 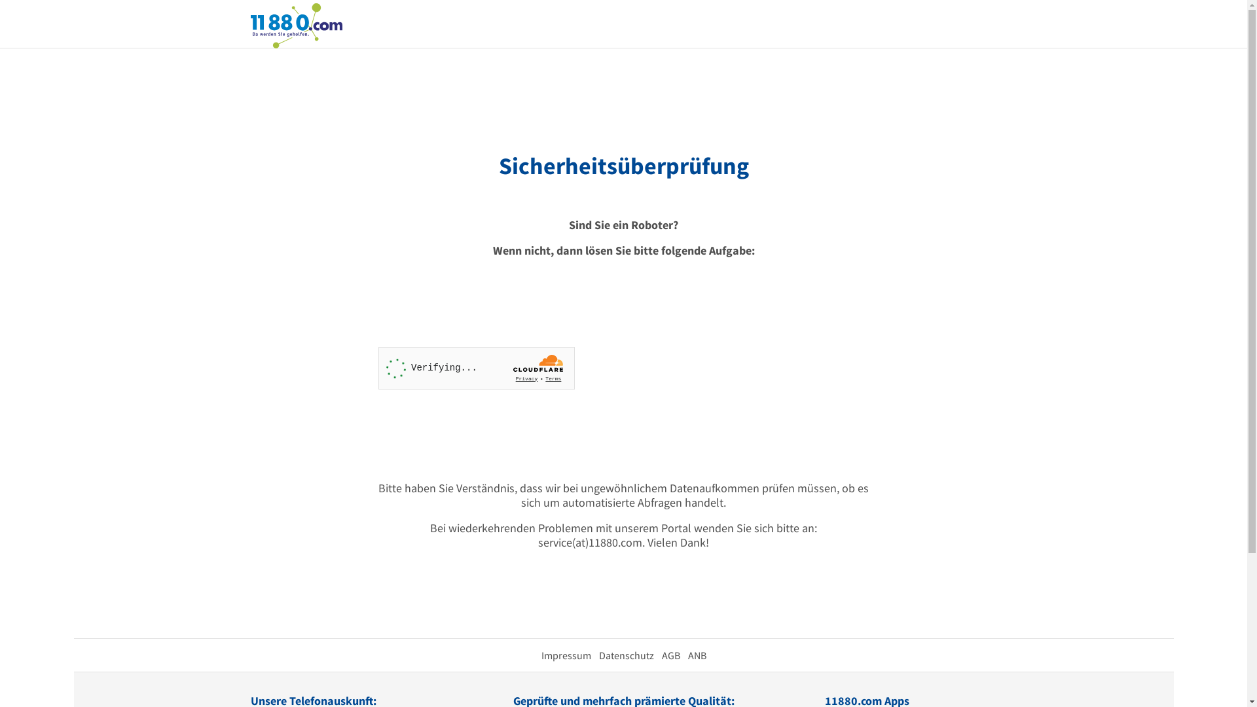 What do you see at coordinates (696, 655) in the screenshot?
I see `'ANB'` at bounding box center [696, 655].